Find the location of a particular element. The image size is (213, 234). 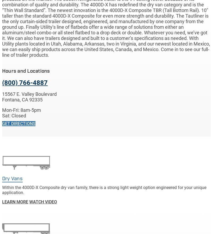

'Watch Video' is located at coordinates (43, 201).